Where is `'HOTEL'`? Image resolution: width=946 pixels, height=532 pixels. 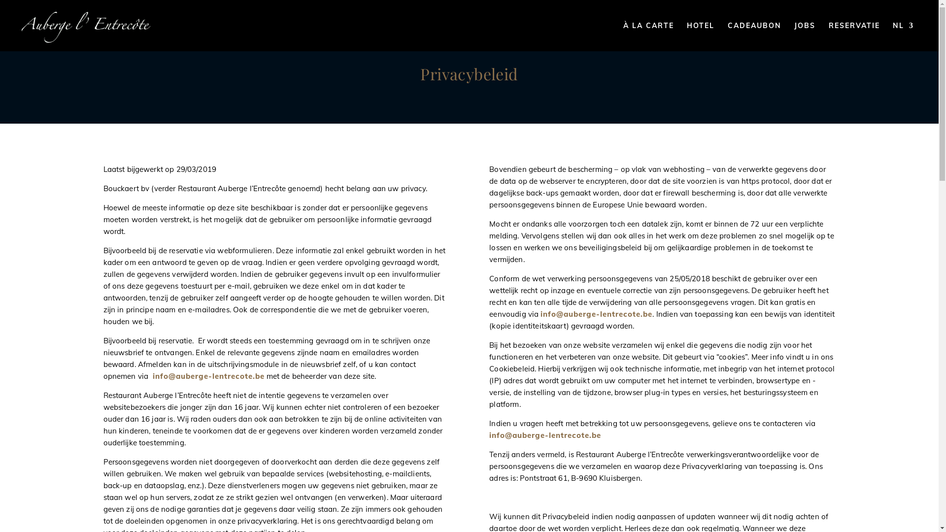
'HOTEL' is located at coordinates (700, 36).